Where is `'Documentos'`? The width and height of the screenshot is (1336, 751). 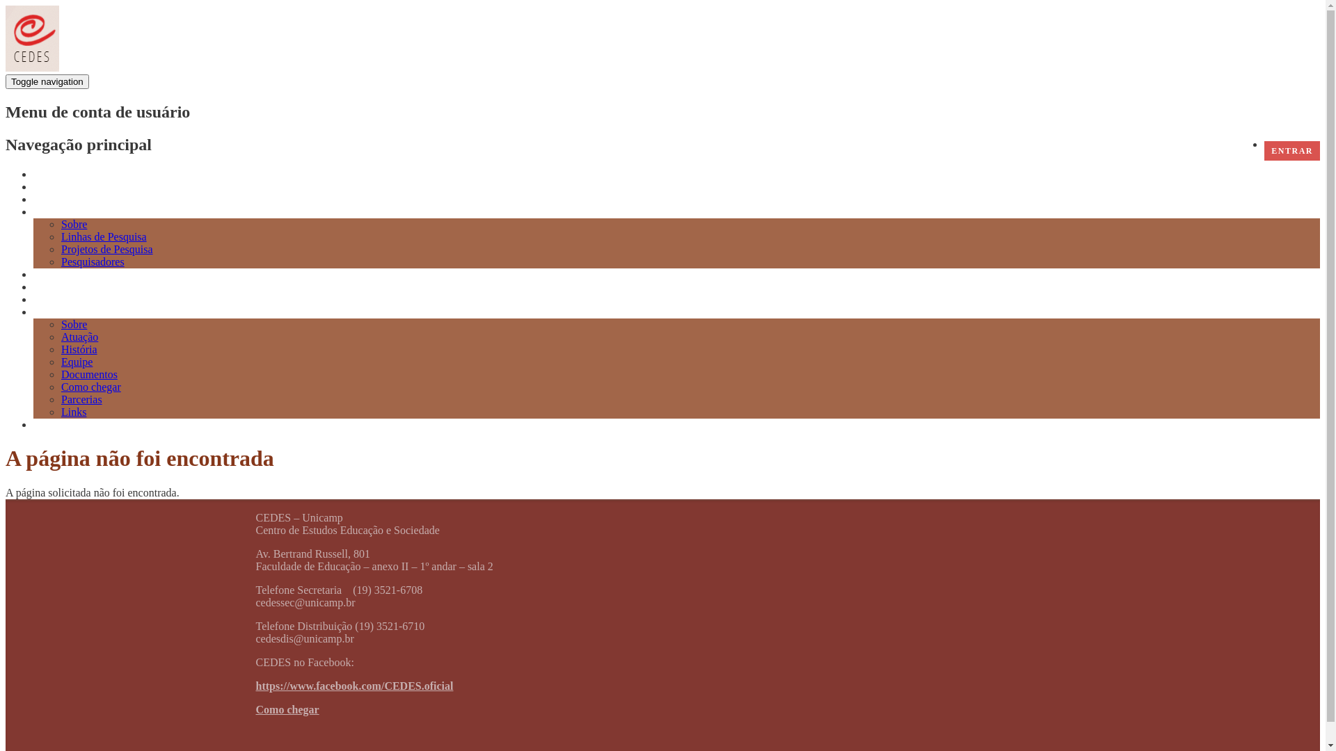
'Documentos' is located at coordinates (88, 373).